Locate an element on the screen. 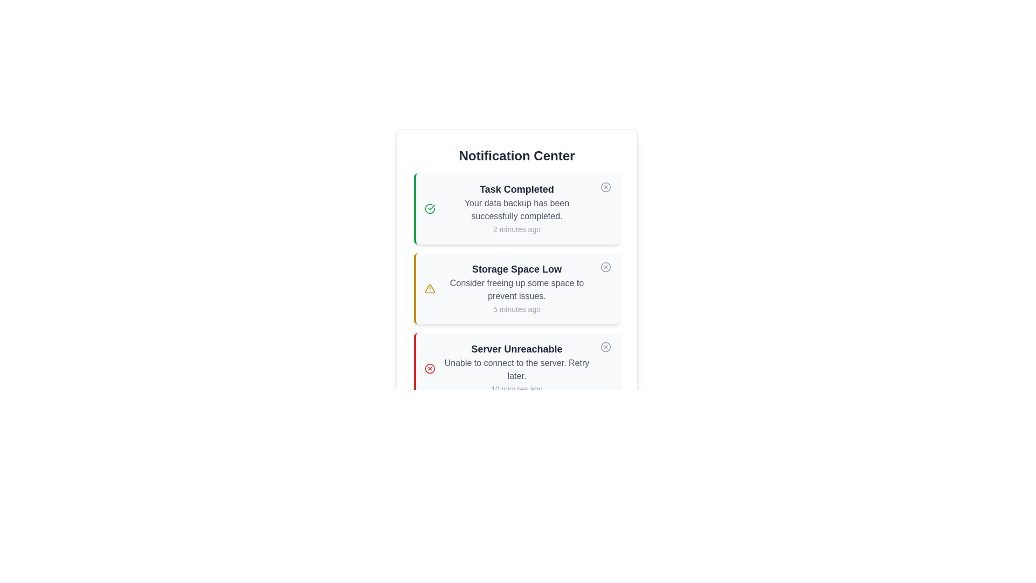  the timestamp text label, which indicates the recency of the corresponding notification, to potentially reveal additional information is located at coordinates (516, 228).